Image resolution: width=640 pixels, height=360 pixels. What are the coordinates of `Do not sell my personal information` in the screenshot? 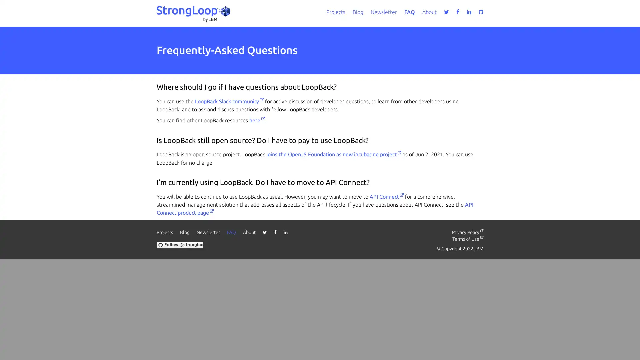 It's located at (586, 338).